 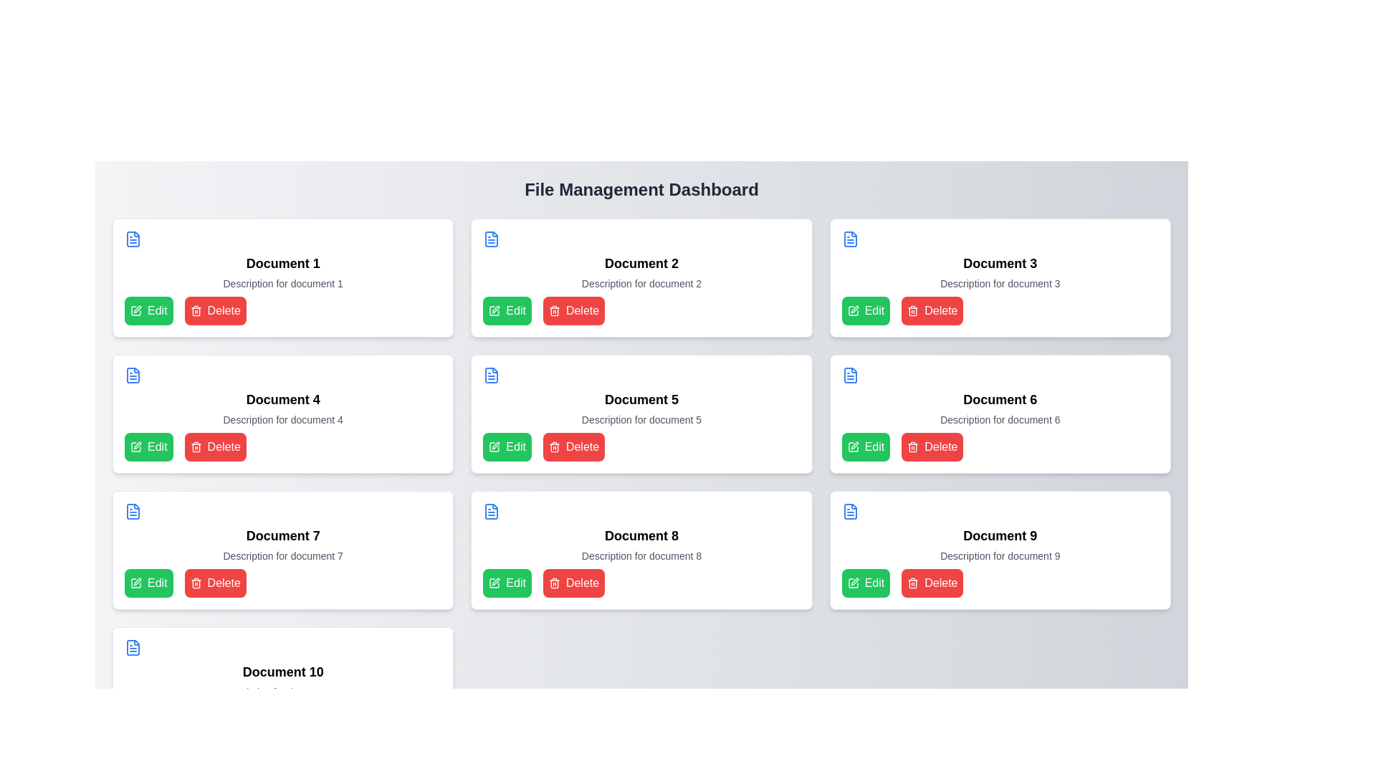 I want to click on the blue file icon representing the document associated with the card titled 'Document 5', located in the middle row and second column of the card grid layout, so click(x=492, y=375).